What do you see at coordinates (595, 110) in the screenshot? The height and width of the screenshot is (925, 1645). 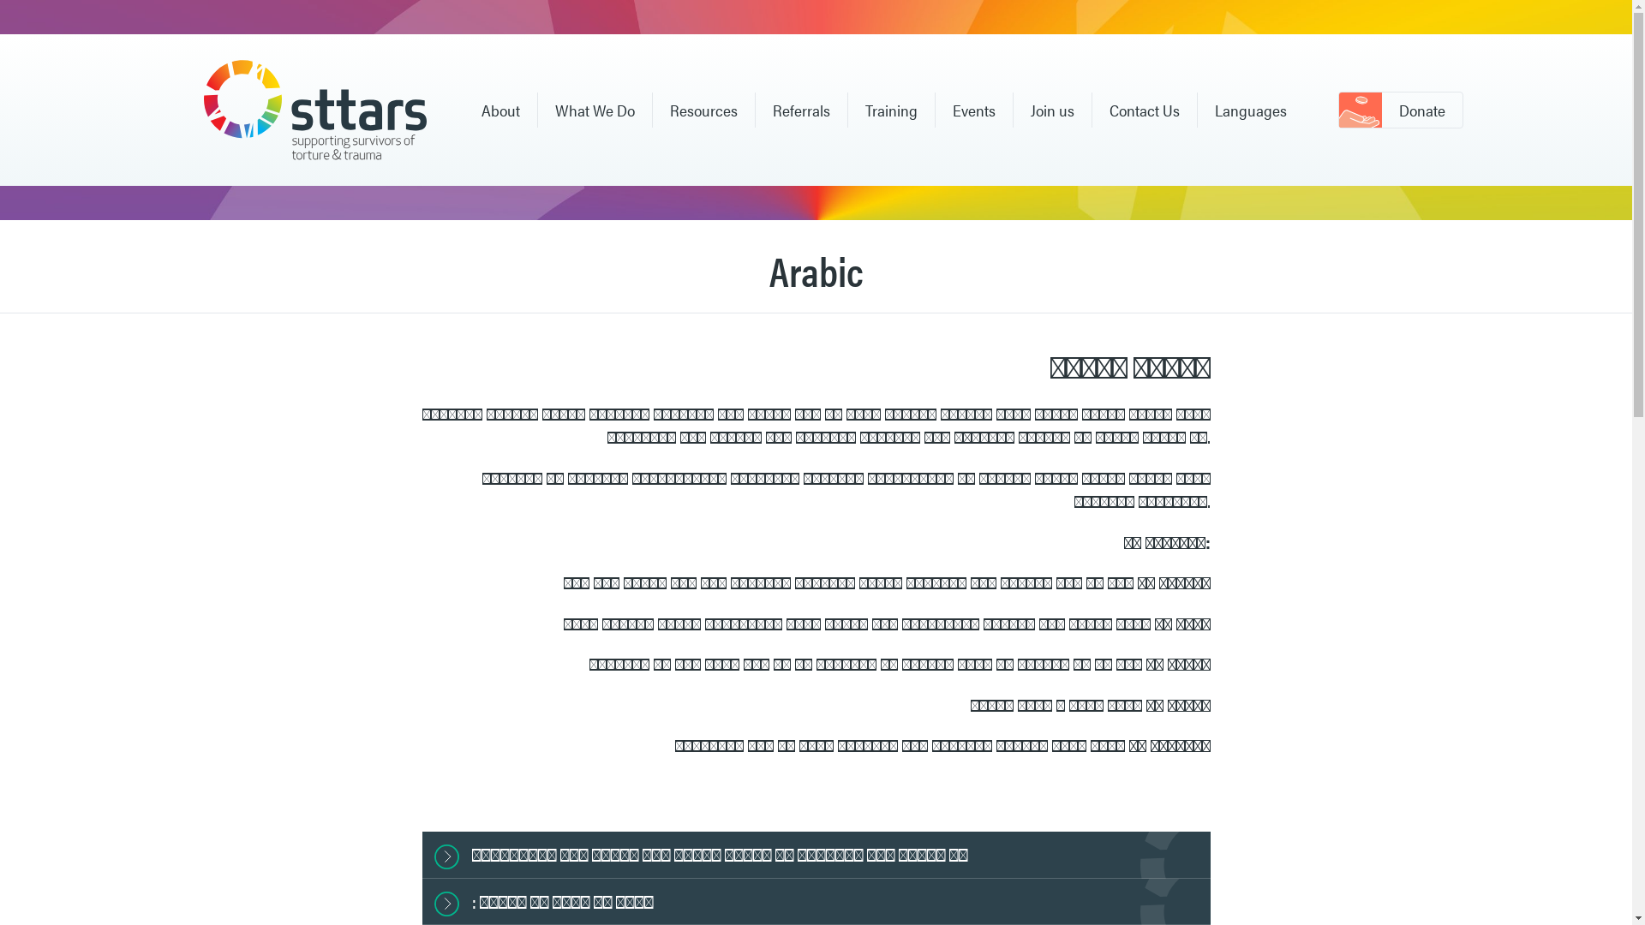 I see `'What We Do'` at bounding box center [595, 110].